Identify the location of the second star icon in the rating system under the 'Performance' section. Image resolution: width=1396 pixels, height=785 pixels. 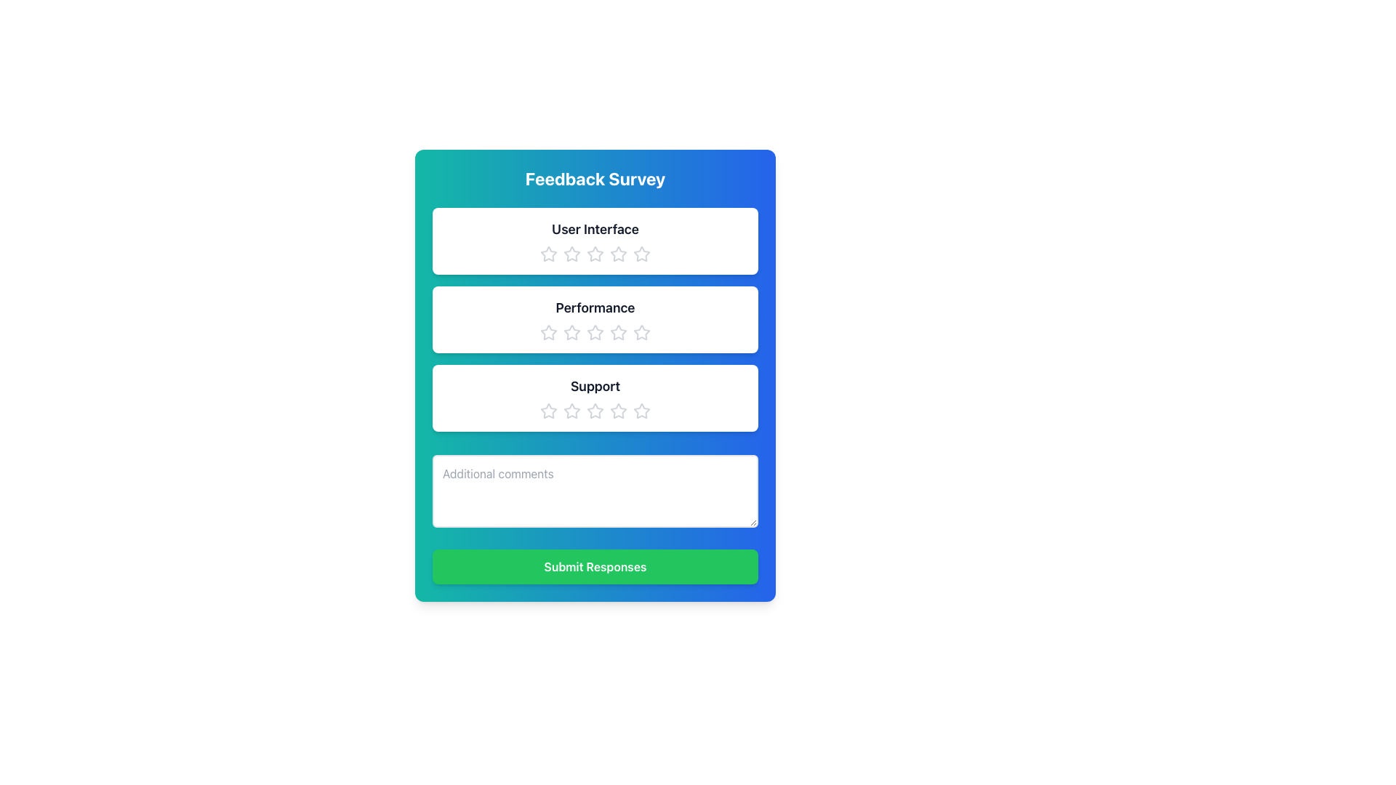
(571, 333).